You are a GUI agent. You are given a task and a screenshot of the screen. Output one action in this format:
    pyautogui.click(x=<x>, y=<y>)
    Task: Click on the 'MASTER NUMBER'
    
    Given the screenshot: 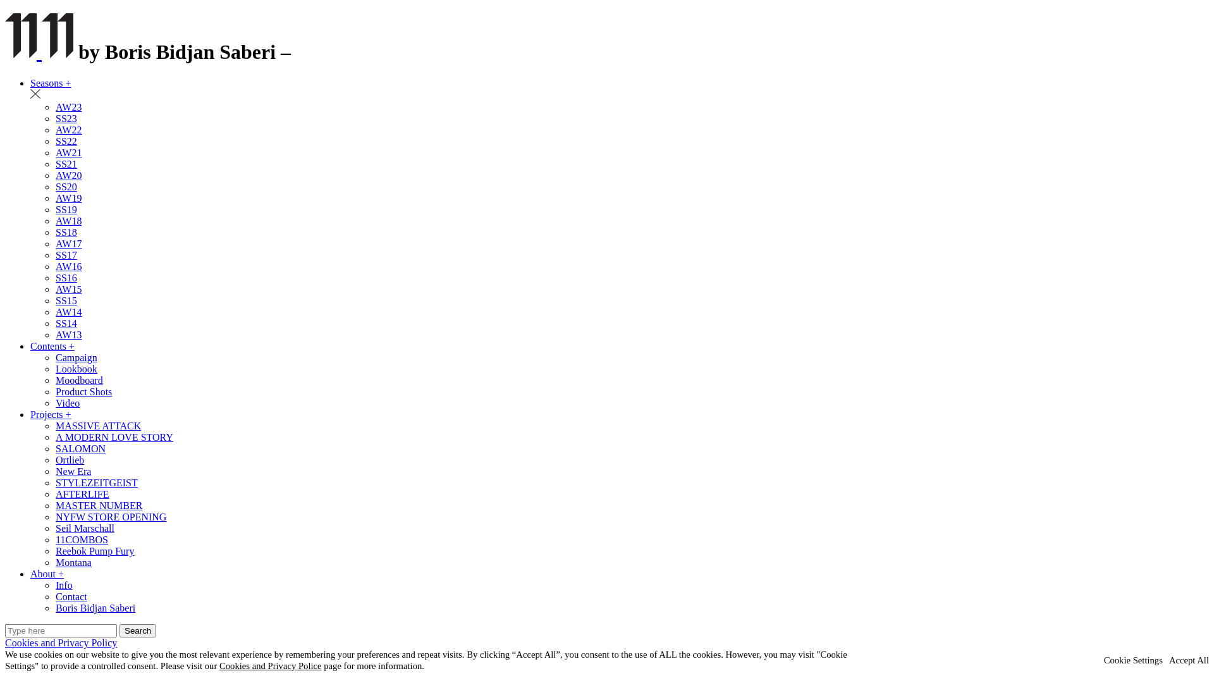 What is the action you would take?
    pyautogui.click(x=98, y=505)
    